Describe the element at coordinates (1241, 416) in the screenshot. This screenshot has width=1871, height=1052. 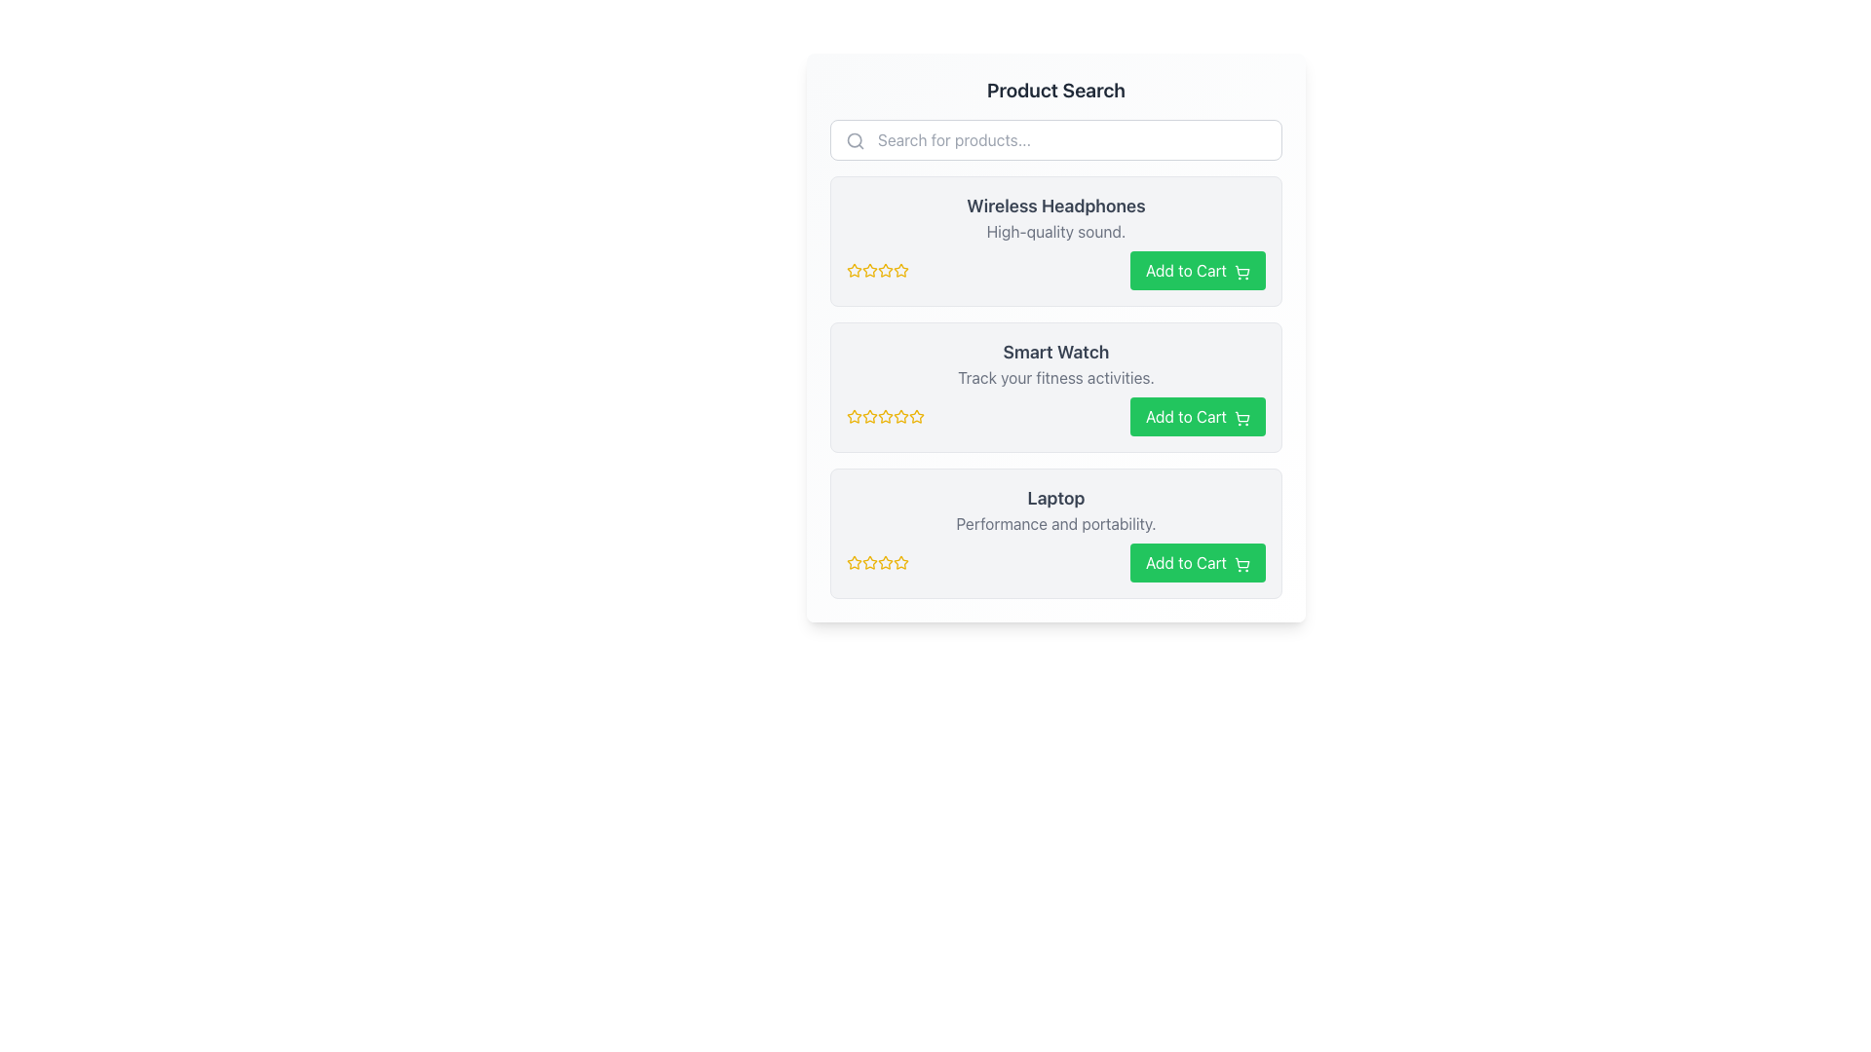
I see `the decorative icon that indicates the 'Add to Cart' function, which is located on the right edge of the second 'Add to Cart' button` at that location.